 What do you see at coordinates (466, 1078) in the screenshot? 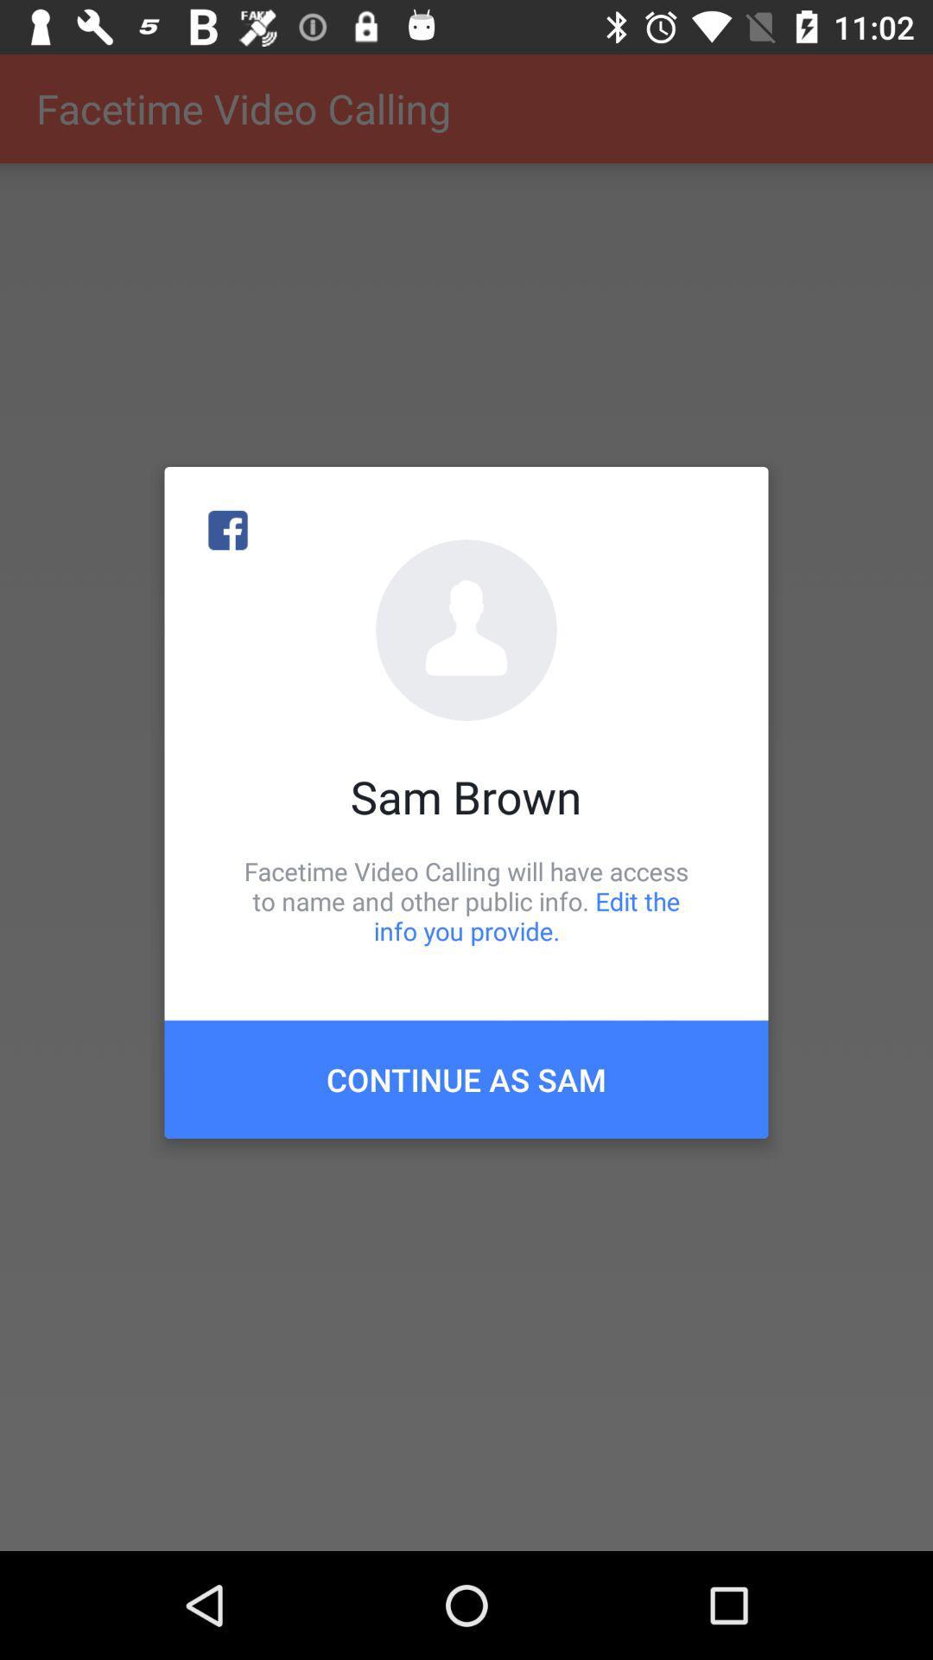
I see `the continue as sam item` at bounding box center [466, 1078].